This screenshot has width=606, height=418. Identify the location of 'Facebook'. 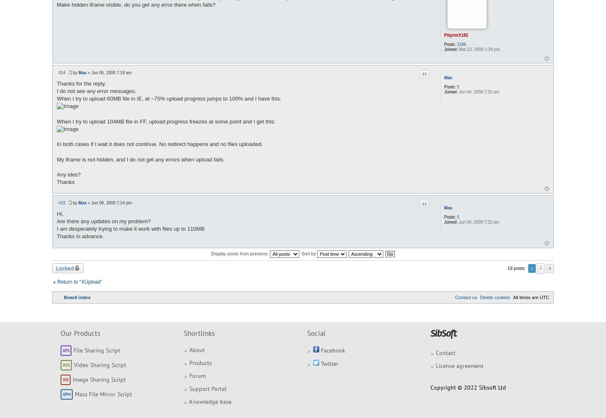
(319, 350).